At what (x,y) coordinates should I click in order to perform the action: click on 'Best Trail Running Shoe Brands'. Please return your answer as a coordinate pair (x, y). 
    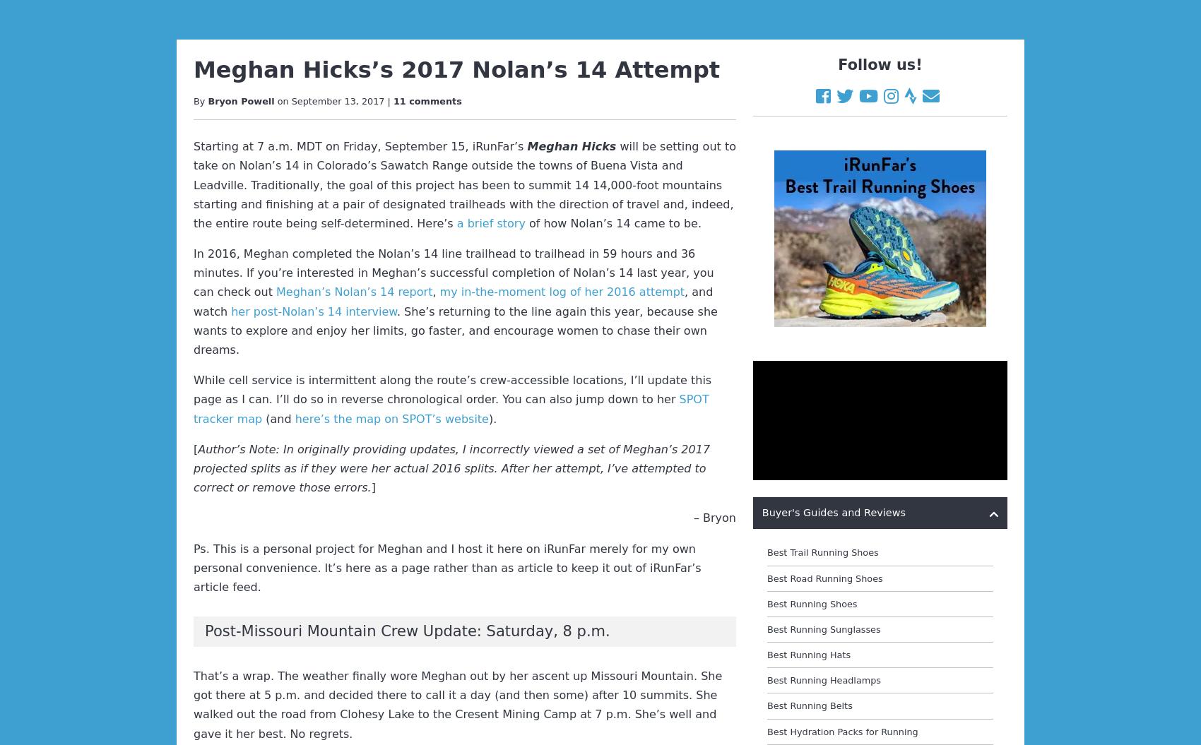
    Looking at the image, I should click on (836, 604).